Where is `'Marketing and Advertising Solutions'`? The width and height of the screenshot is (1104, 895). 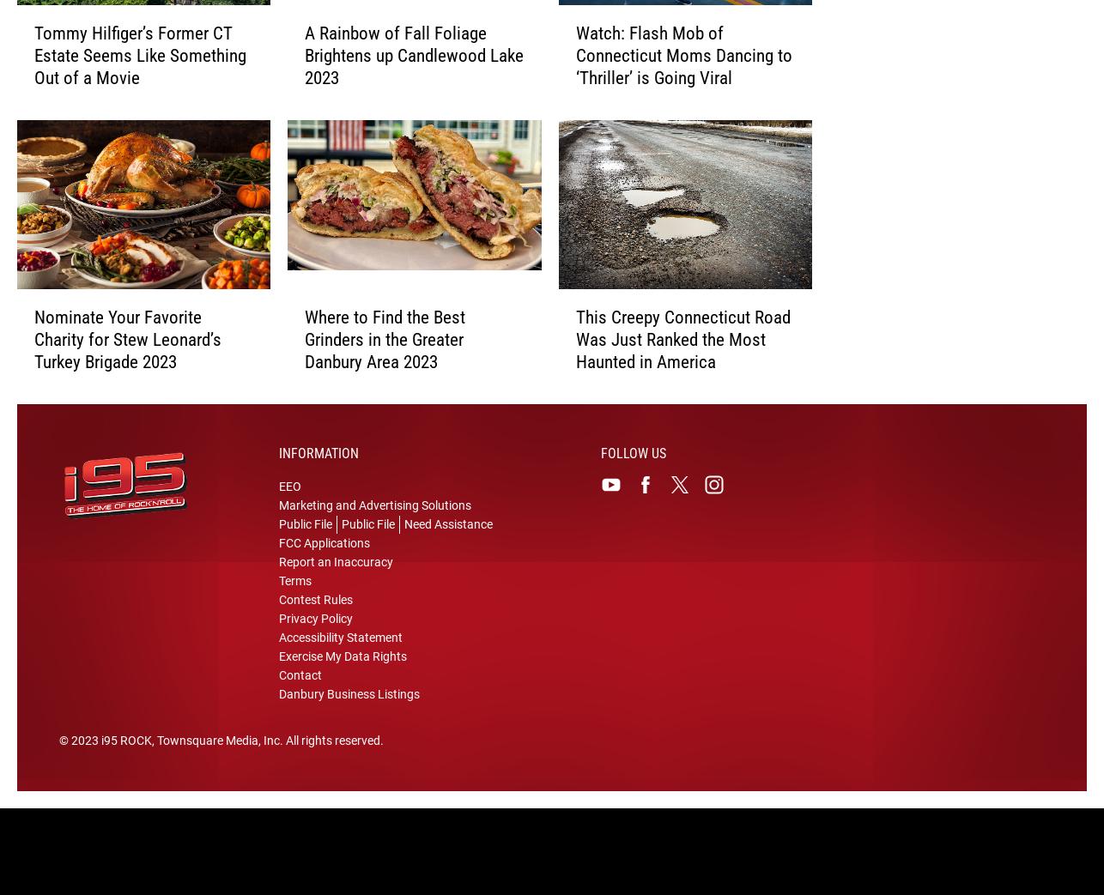
'Marketing and Advertising Solutions' is located at coordinates (373, 516).